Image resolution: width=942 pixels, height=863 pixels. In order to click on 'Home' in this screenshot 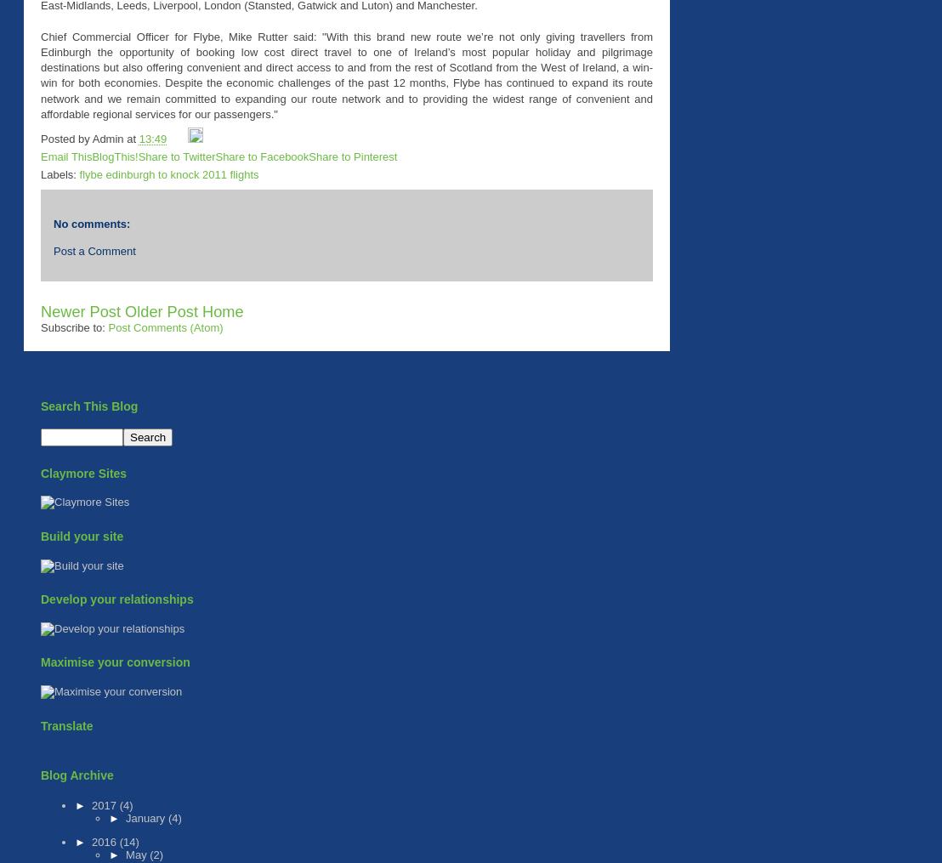, I will do `click(222, 311)`.